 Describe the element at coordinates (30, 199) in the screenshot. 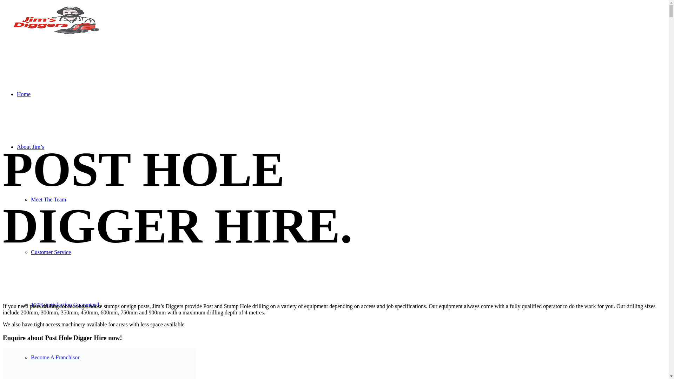

I see `'Meet The Team'` at that location.